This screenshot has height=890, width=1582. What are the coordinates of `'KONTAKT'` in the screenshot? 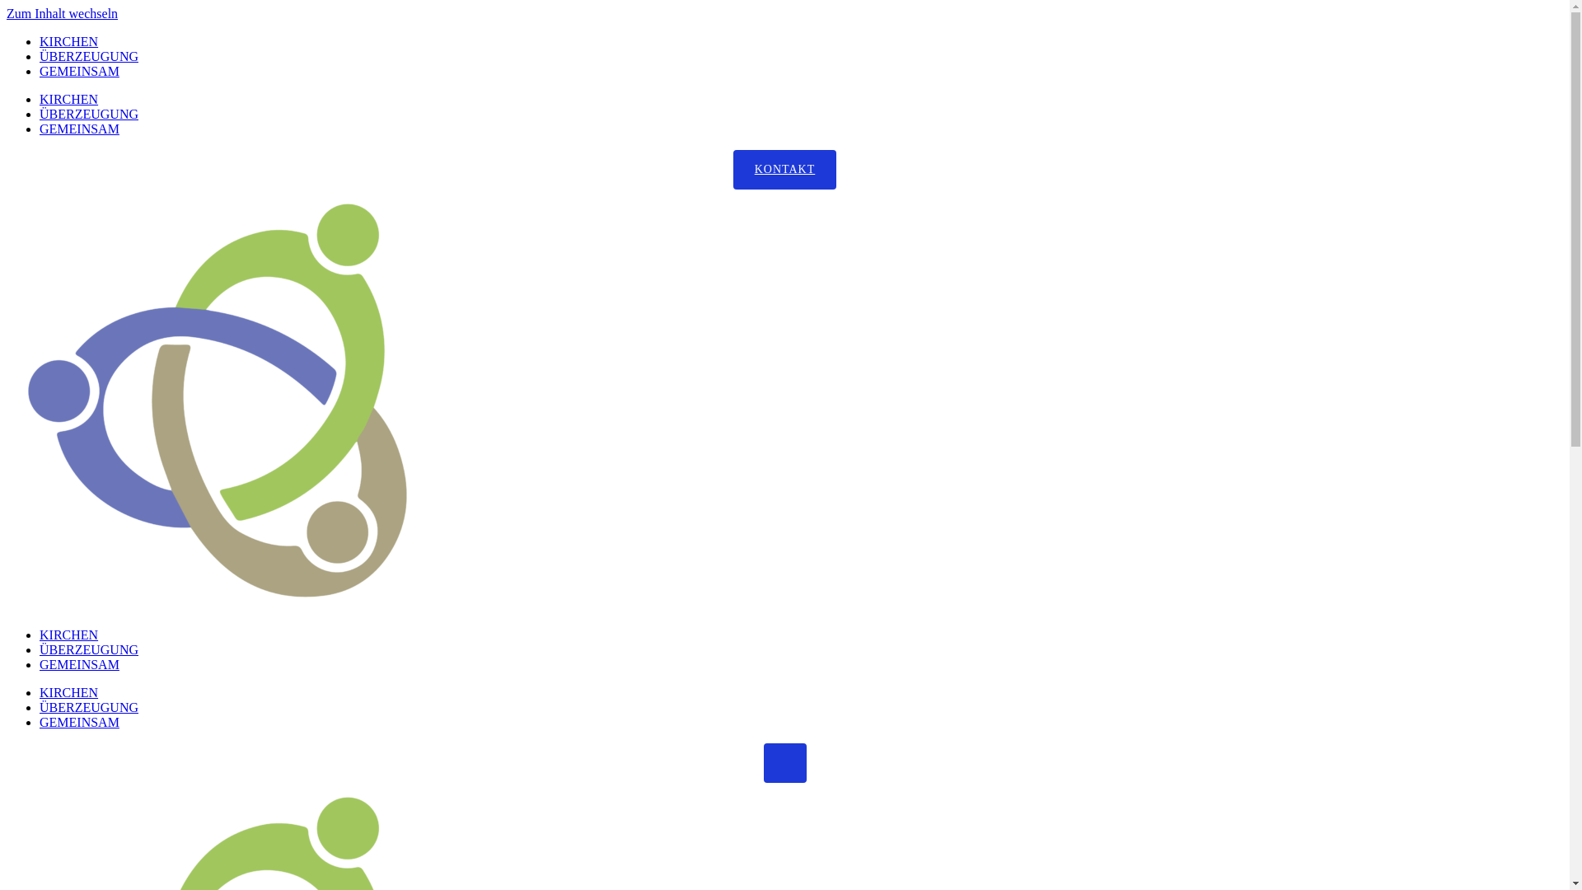 It's located at (784, 169).